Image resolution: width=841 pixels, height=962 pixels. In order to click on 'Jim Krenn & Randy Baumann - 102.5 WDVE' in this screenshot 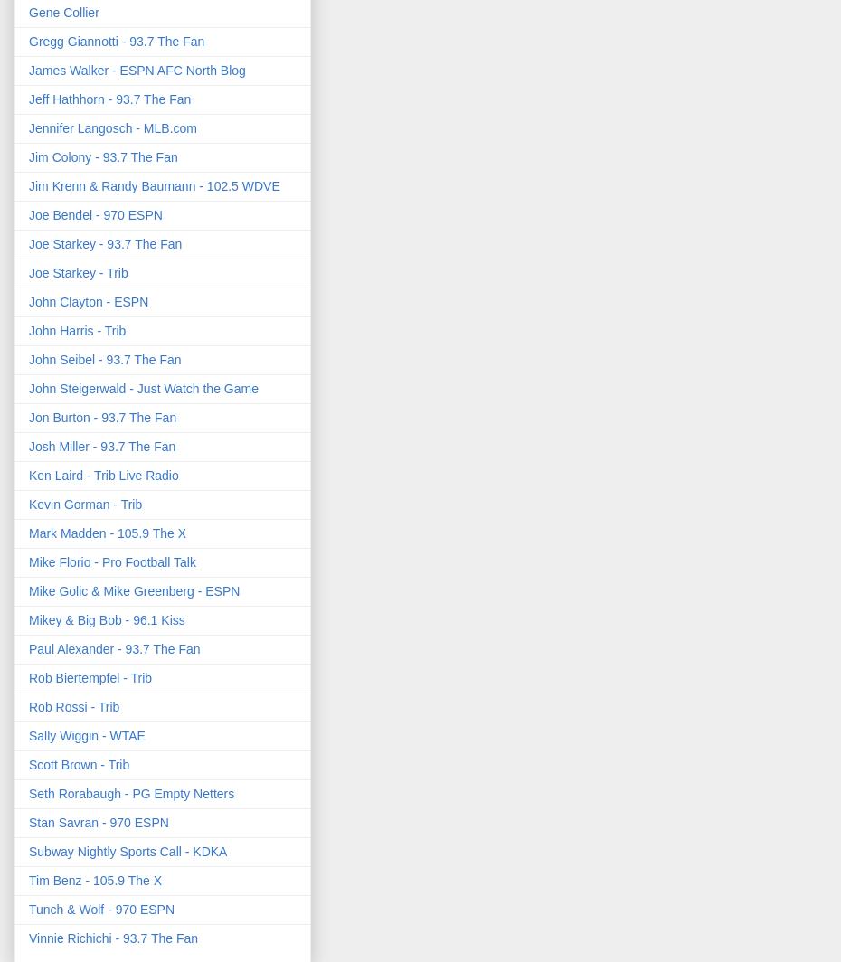, I will do `click(153, 185)`.